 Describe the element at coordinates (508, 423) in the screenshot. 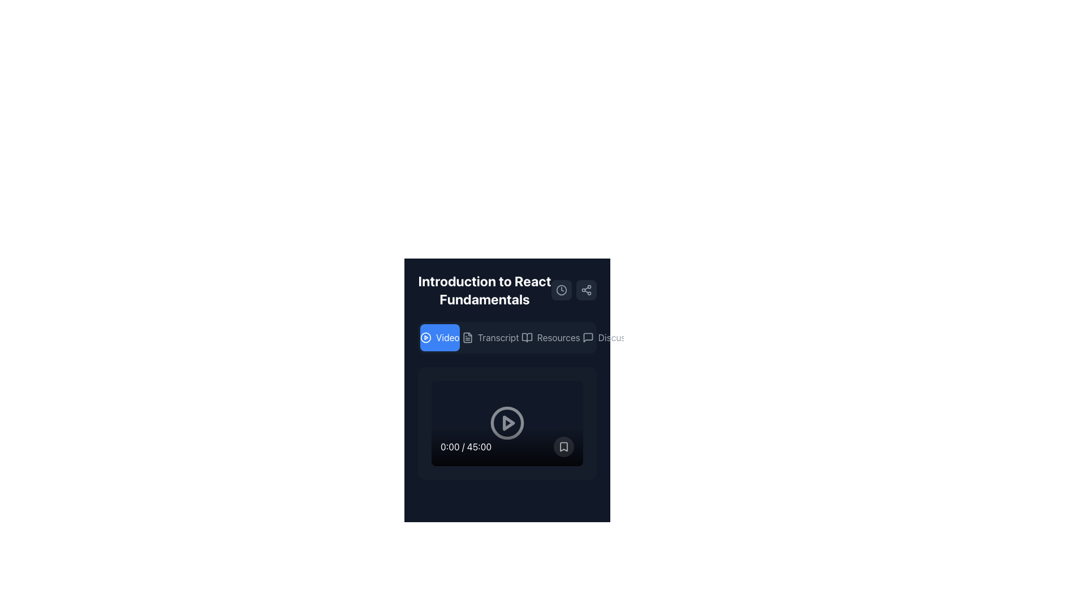

I see `the Play button icon within the SVG element located at the center of the video preview interface for the 'Introduction to React Fundamentals' card to initiate video playback` at that location.